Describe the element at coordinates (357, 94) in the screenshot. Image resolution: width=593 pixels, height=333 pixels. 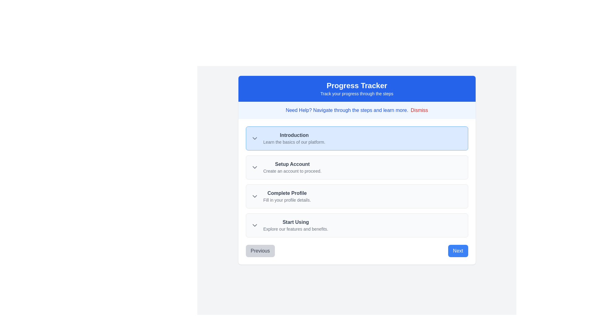
I see `the text label that says 'Track your progress through the steps.' which is located below the header 'Progress Tracker' on the blue background area` at that location.